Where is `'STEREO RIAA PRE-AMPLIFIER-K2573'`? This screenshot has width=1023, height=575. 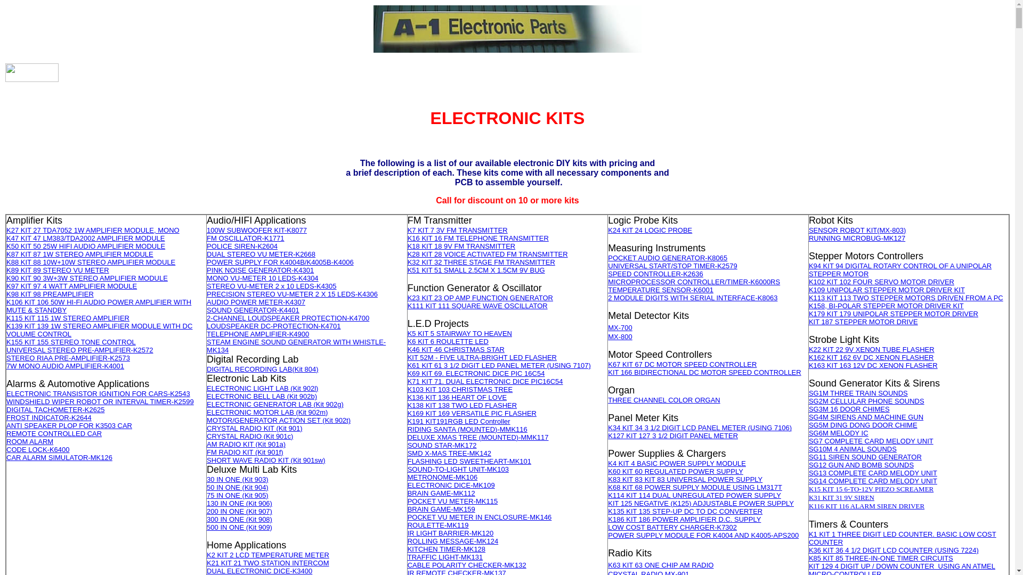 'STEREO RIAA PRE-AMPLIFIER-K2573' is located at coordinates (68, 358).